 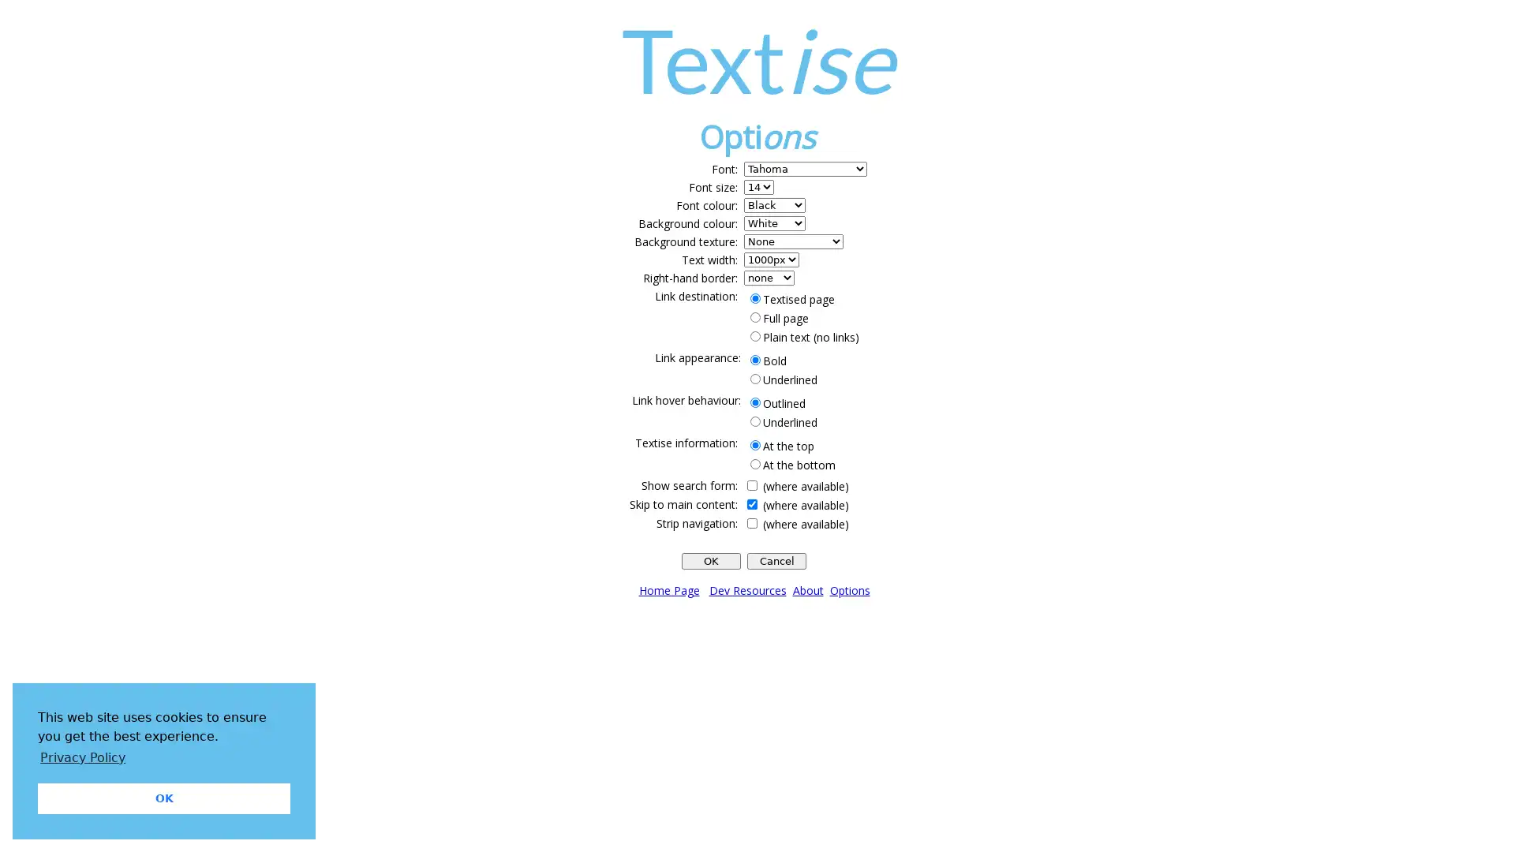 What do you see at coordinates (163, 798) in the screenshot?
I see `dismiss cookie message` at bounding box center [163, 798].